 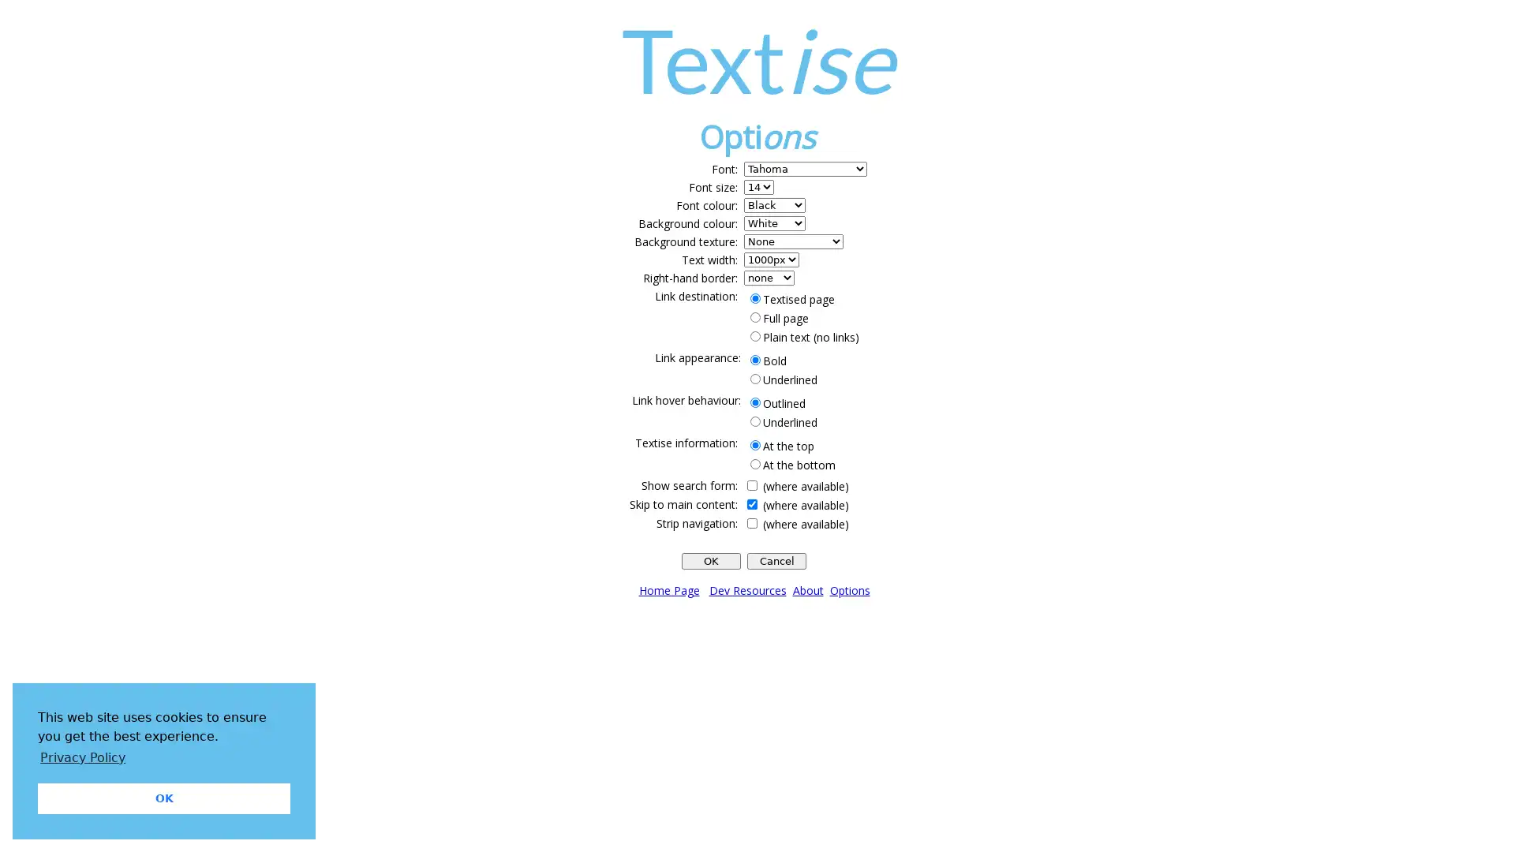 What do you see at coordinates (163, 798) in the screenshot?
I see `dismiss cookie message` at bounding box center [163, 798].